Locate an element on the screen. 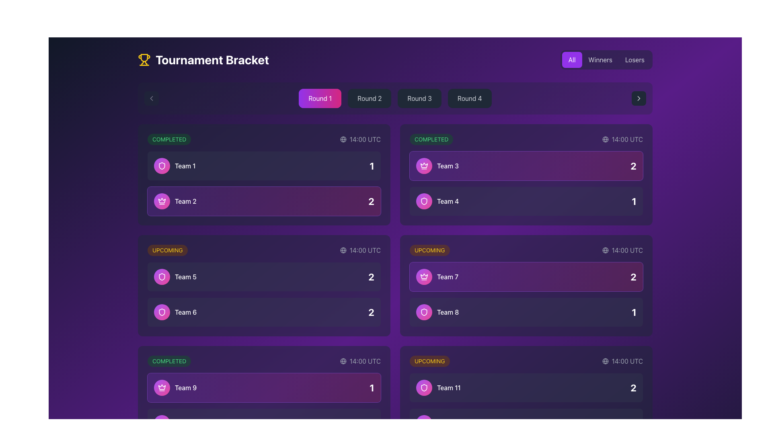 The height and width of the screenshot is (434, 772). the Label with icon displaying '14:00 UTC', which is located in the lower-mid right section of the UI, next to a globe icon is located at coordinates (622, 250).